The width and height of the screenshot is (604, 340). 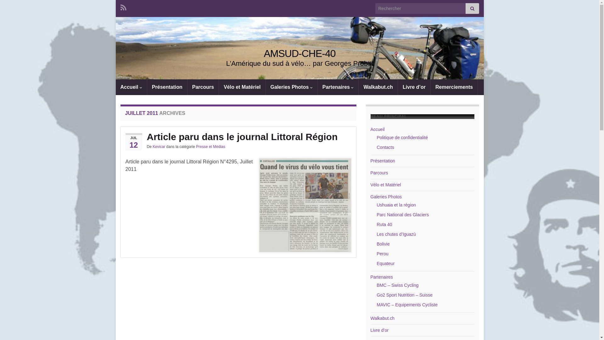 I want to click on 'Perou', so click(x=382, y=253).